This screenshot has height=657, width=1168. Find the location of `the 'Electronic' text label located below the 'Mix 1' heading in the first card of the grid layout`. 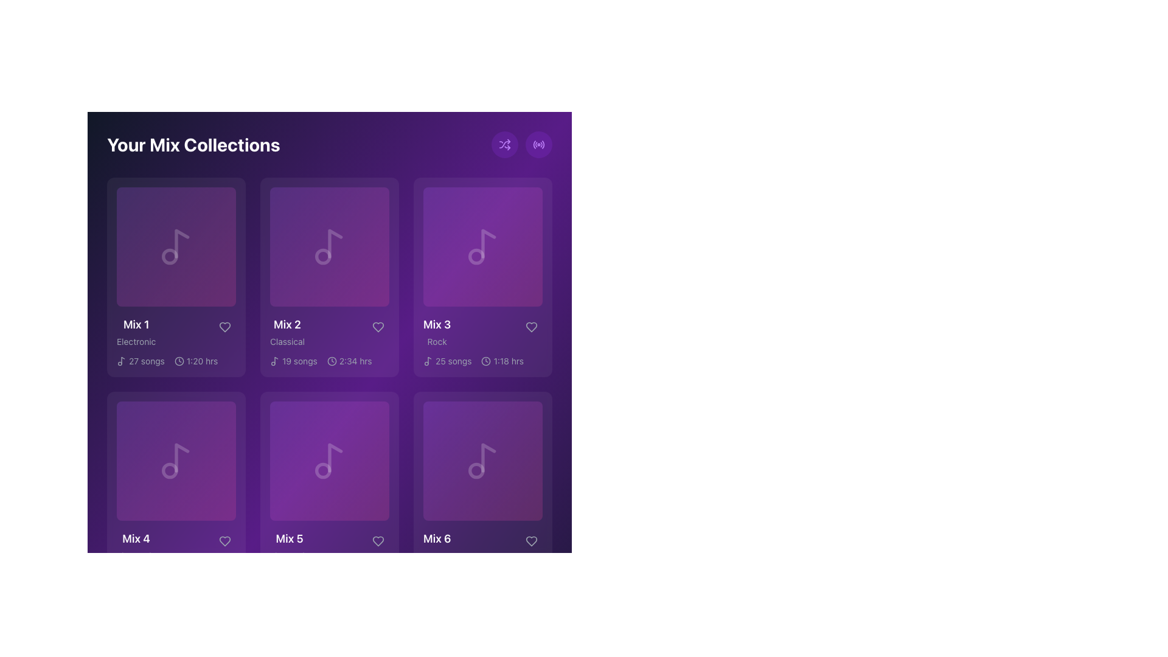

the 'Electronic' text label located below the 'Mix 1' heading in the first card of the grid layout is located at coordinates (136, 342).